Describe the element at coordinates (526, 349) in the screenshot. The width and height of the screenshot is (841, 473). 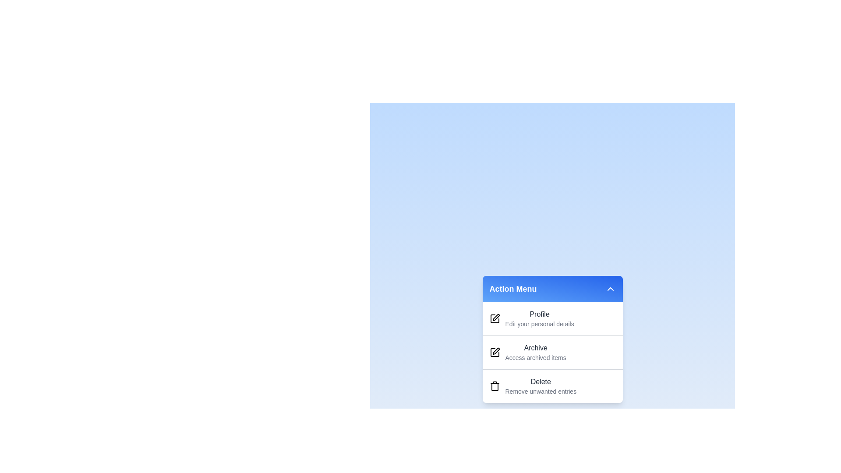
I see `the menu item corresponding to Archive` at that location.